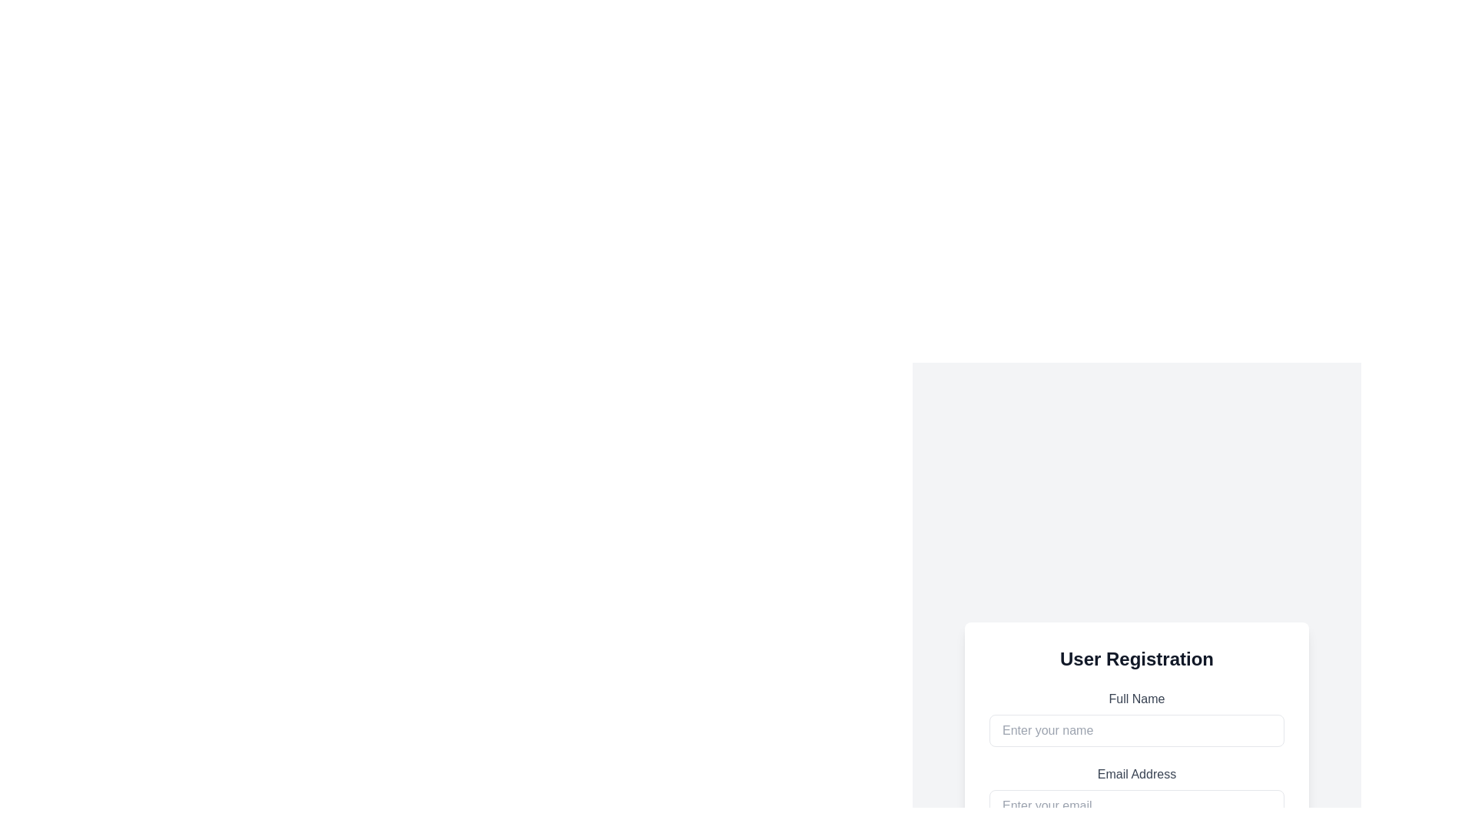 Image resolution: width=1475 pixels, height=830 pixels. What do you see at coordinates (1136, 658) in the screenshot?
I see `the 'User Registration' text header, which is a bold, large font title centered at the top of the white registration panel` at bounding box center [1136, 658].